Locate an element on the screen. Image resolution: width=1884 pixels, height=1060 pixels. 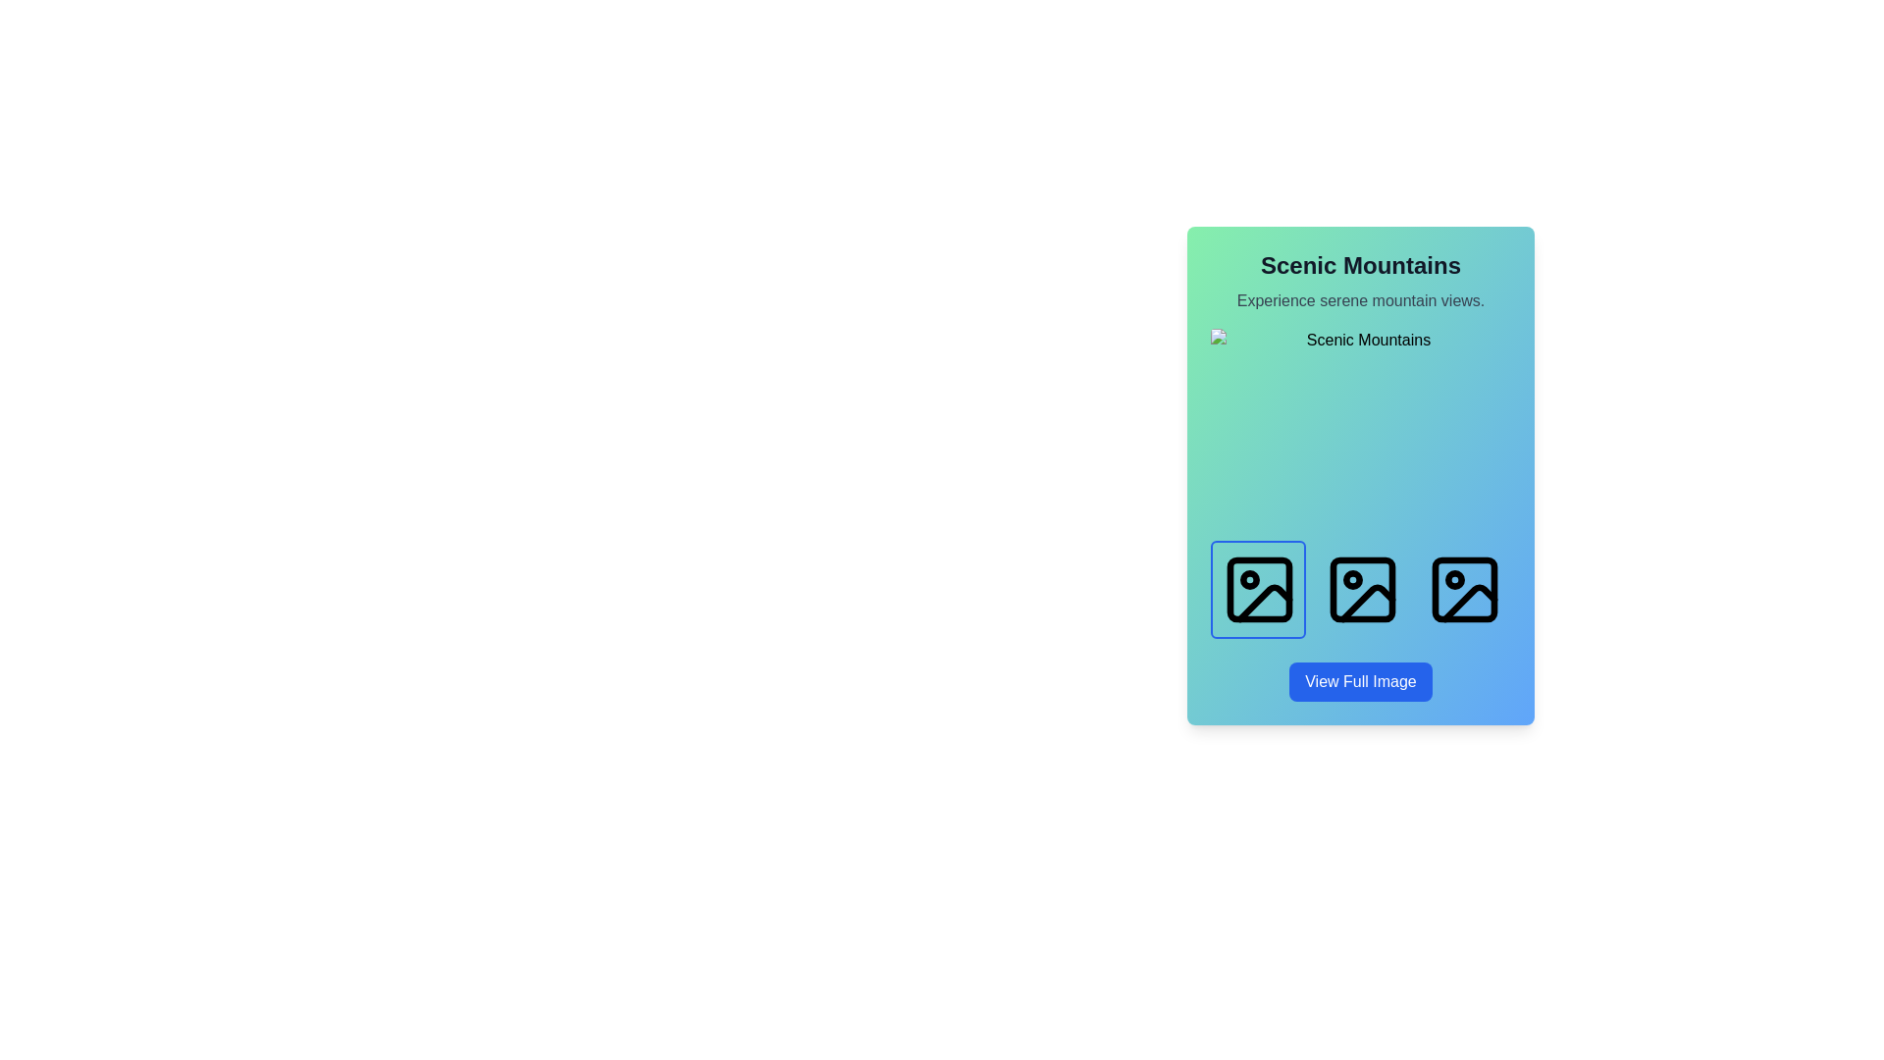
the button located at the bottom of a rectangular card with a gradient background is located at coordinates (1360, 680).